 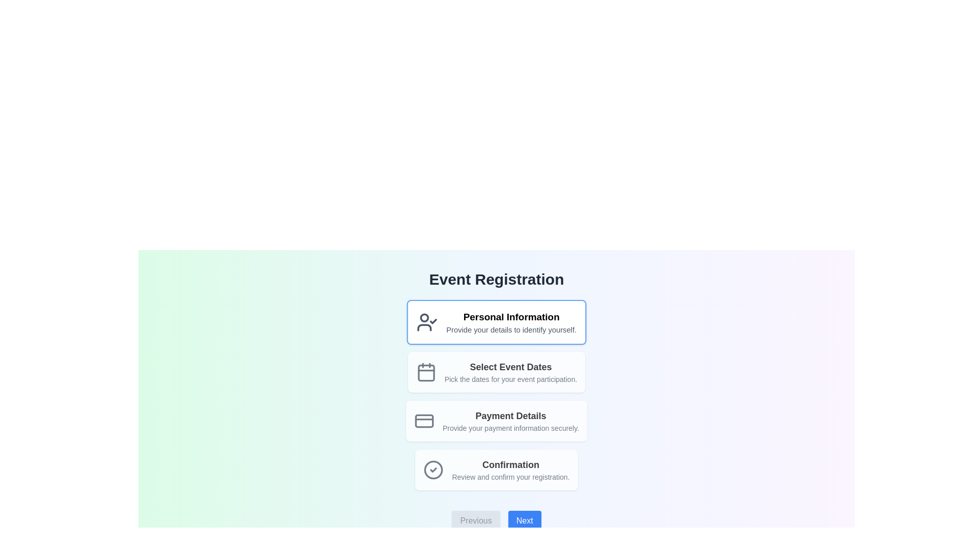 What do you see at coordinates (496, 470) in the screenshot?
I see `the informational section titled 'Confirmation' that contains a checkmark icon and bold text` at bounding box center [496, 470].